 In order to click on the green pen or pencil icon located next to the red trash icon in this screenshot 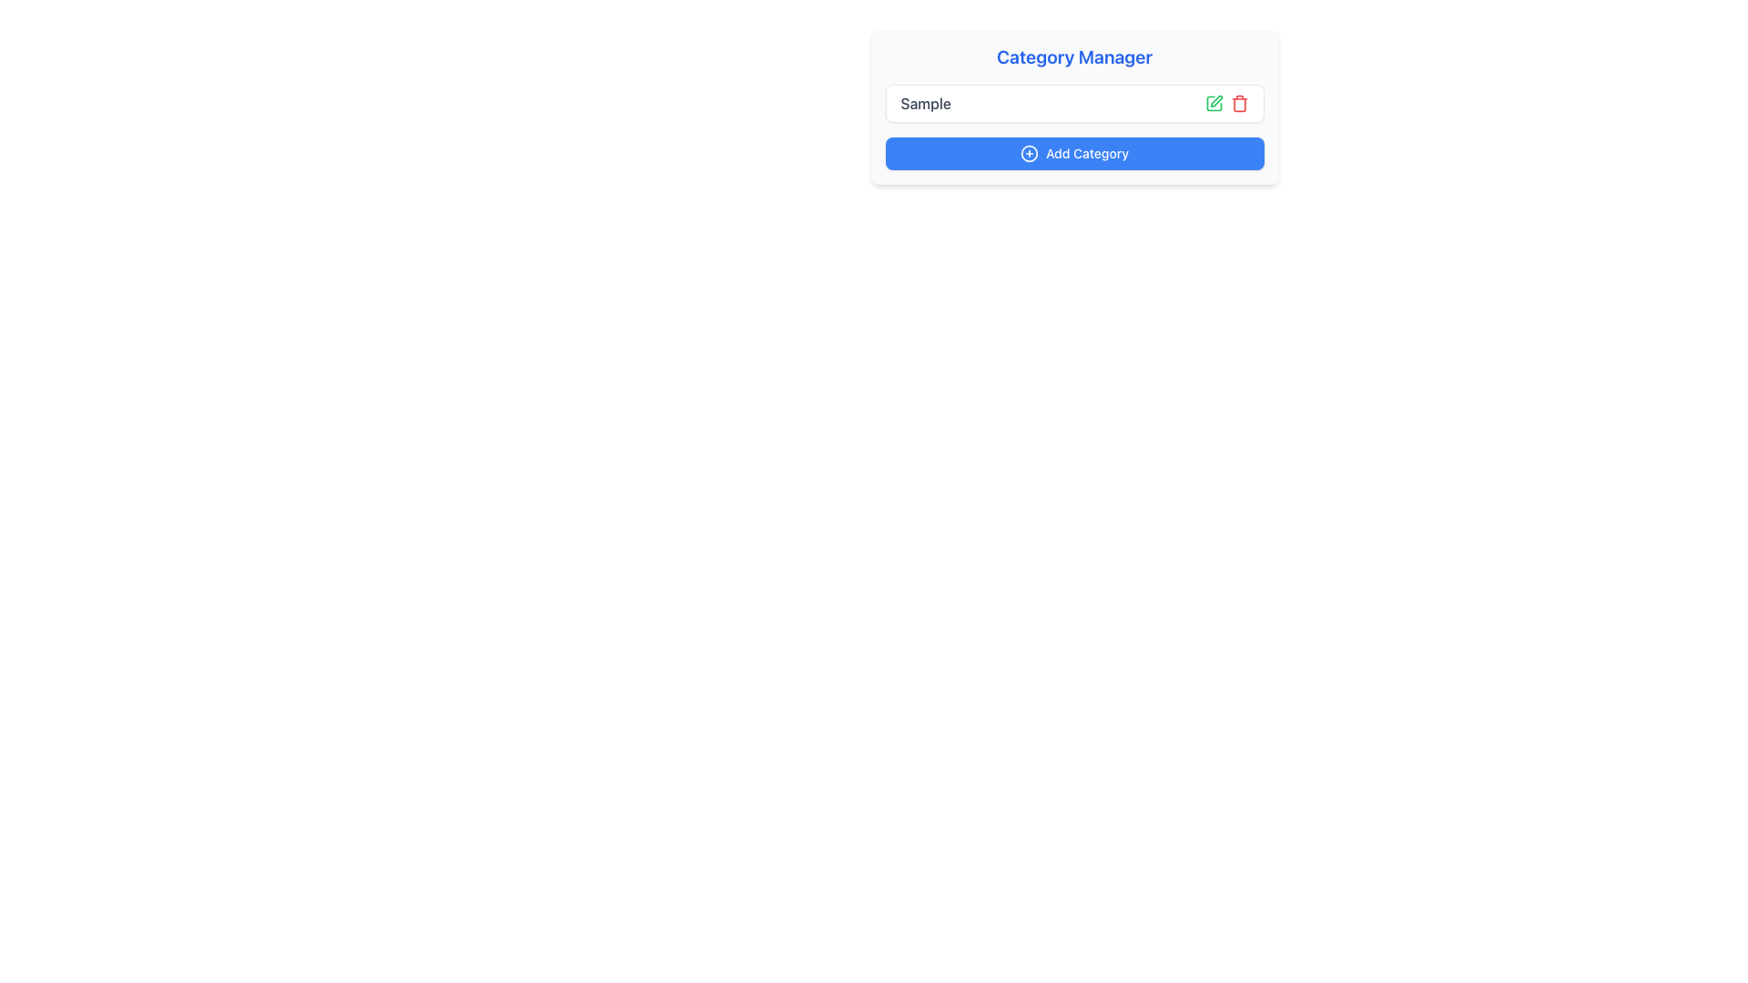, I will do `click(1214, 104)`.